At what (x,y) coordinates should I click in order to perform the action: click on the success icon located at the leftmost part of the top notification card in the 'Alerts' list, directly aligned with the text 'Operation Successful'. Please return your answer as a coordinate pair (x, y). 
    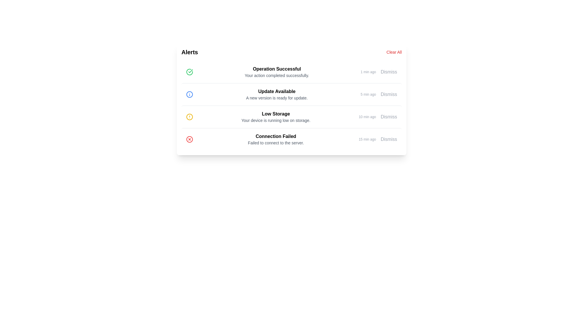
    Looking at the image, I should click on (189, 71).